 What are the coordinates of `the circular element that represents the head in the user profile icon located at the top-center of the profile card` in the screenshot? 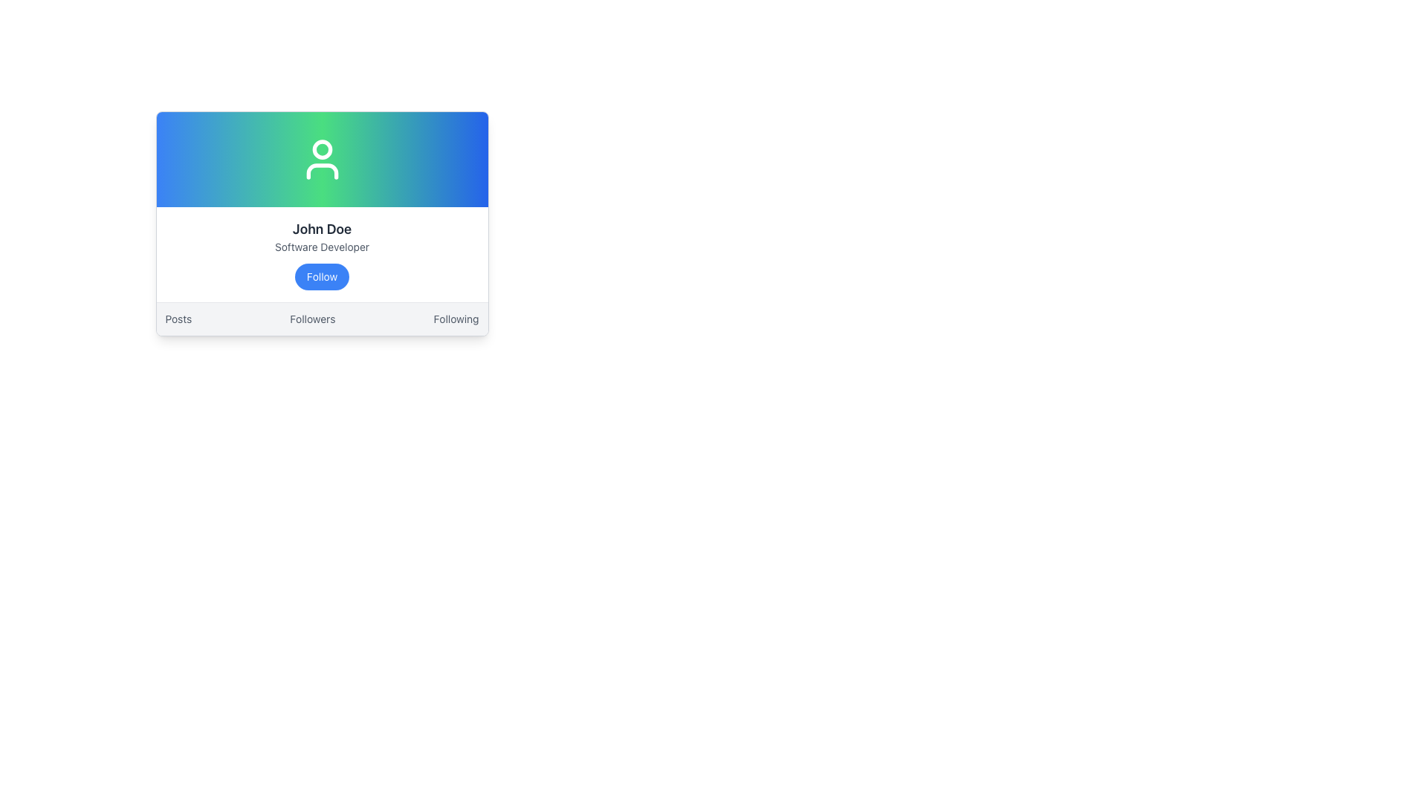 It's located at (321, 149).